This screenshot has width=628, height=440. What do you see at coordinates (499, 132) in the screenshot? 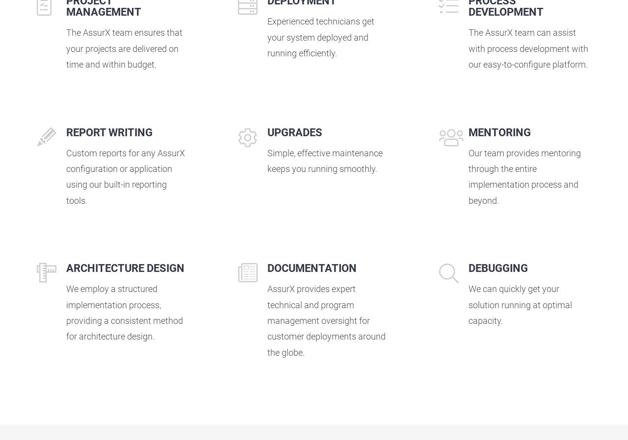
I see `'MENTORING'` at bounding box center [499, 132].